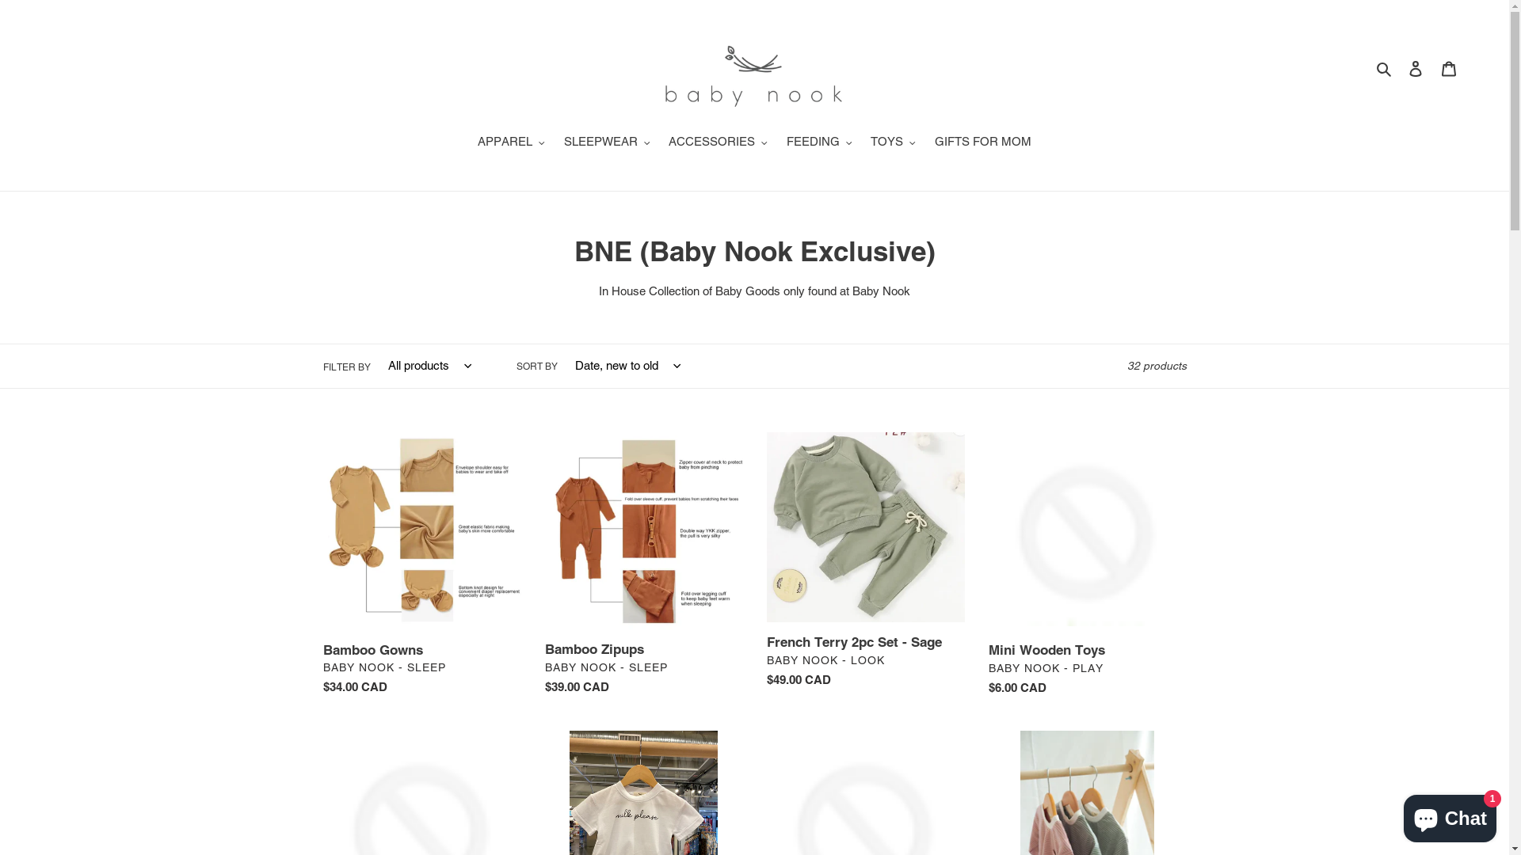 The height and width of the screenshot is (855, 1521). Describe the element at coordinates (1384, 67) in the screenshot. I see `'Search'` at that location.